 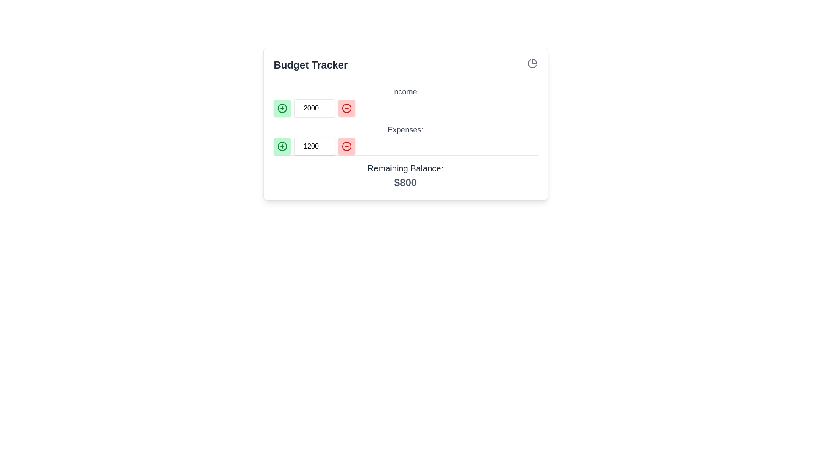 What do you see at coordinates (532, 63) in the screenshot?
I see `the pie chart icon in the top-right corner of the 'Budget Tracker' header section, which features a minimalistic vector line art design in gray tones` at bounding box center [532, 63].